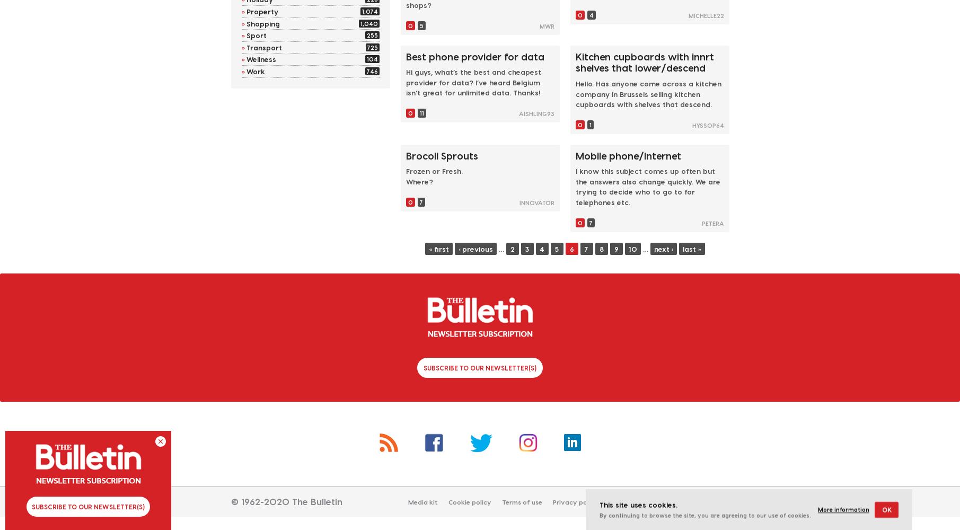 This screenshot has height=530, width=960. What do you see at coordinates (625, 501) in the screenshot?
I see `'Contact us'` at bounding box center [625, 501].